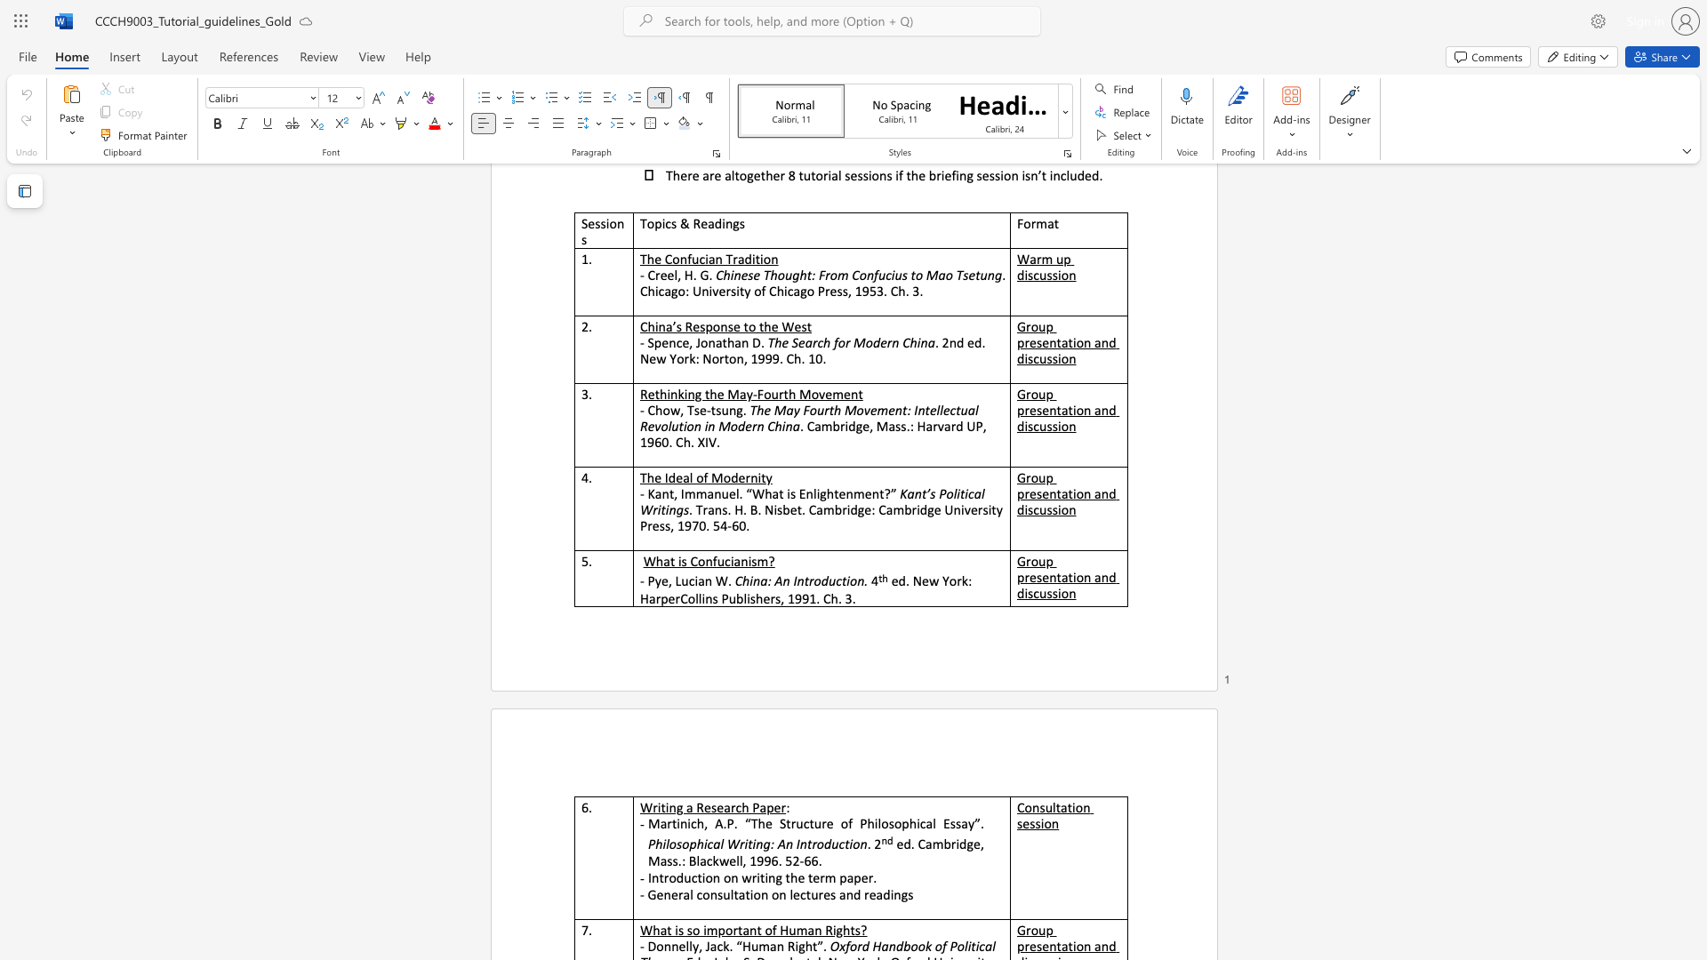 This screenshot has width=1707, height=960. What do you see at coordinates (803, 860) in the screenshot?
I see `the subset text "66." within the text "ed. Cambridge, Mass.: Blackwell, 1996. 52-66."` at bounding box center [803, 860].